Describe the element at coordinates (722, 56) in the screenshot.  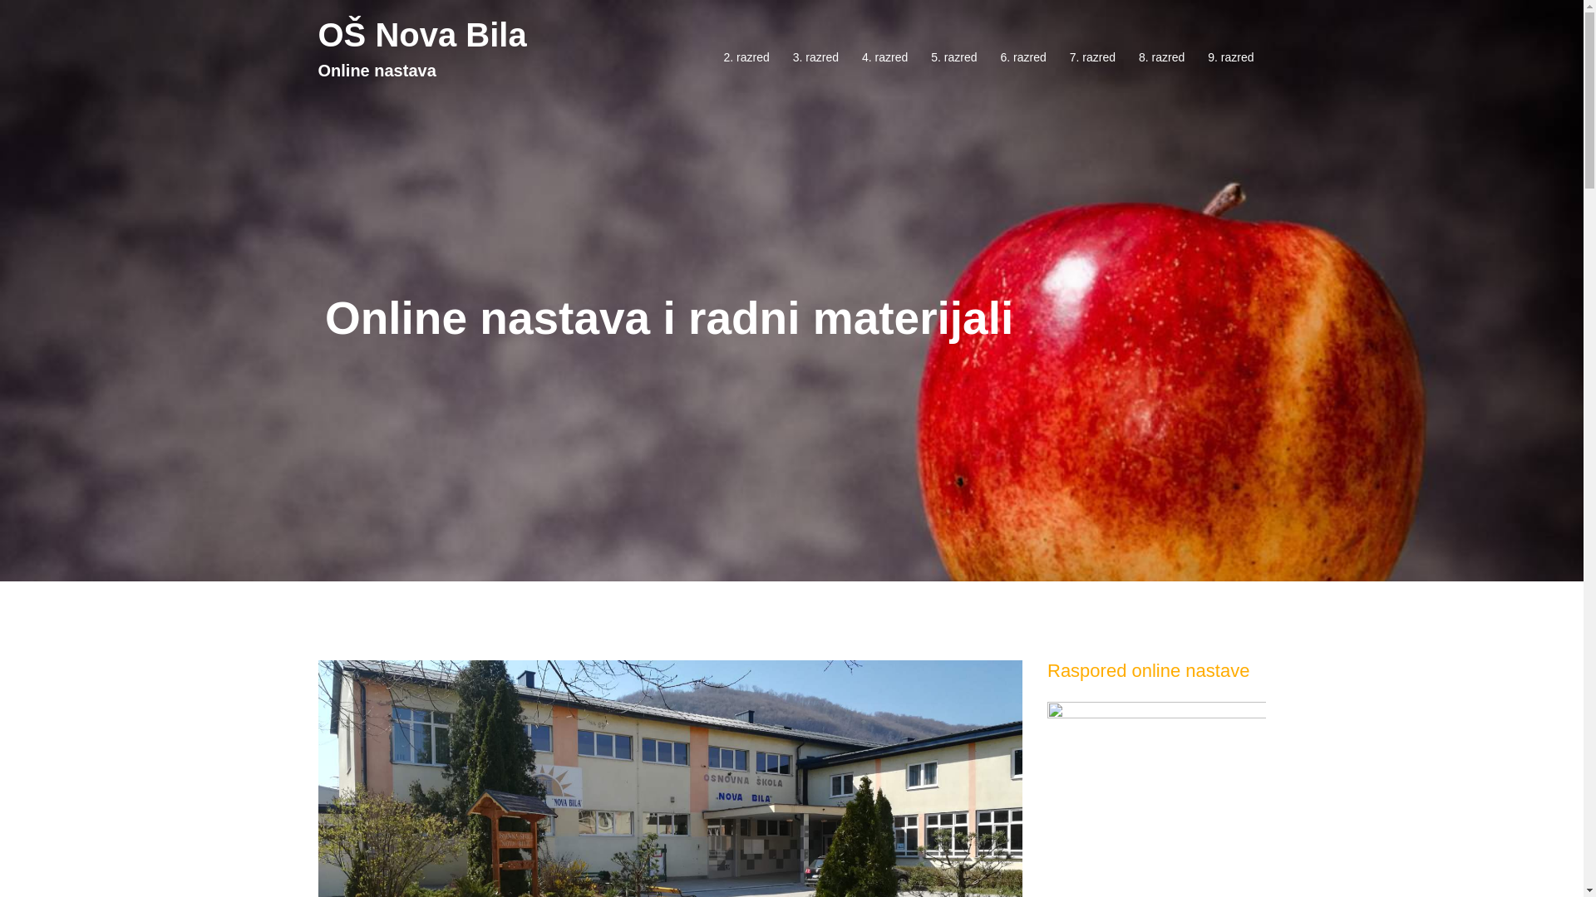
I see `'2. razred'` at that location.